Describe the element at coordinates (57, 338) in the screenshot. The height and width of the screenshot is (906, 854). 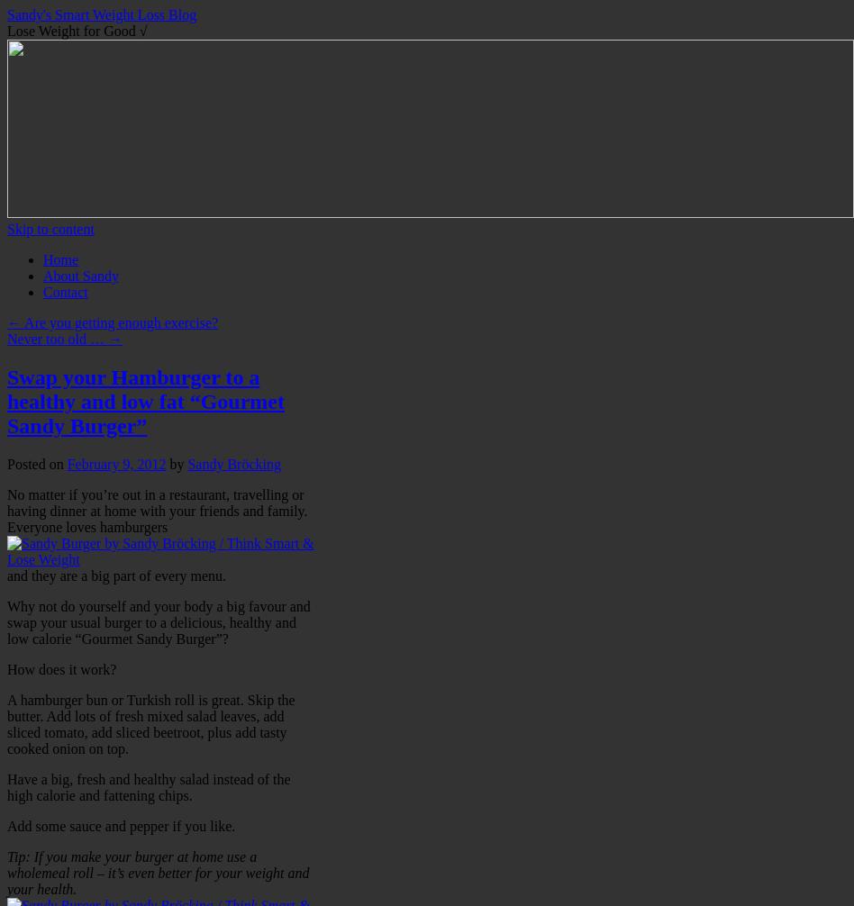
I see `'Never too old …'` at that location.